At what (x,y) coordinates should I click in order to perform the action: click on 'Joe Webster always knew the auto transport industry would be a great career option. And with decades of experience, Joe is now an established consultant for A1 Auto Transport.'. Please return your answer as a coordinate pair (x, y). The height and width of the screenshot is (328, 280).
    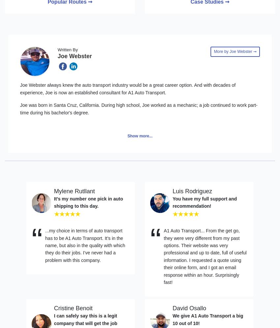
    Looking at the image, I should click on (128, 88).